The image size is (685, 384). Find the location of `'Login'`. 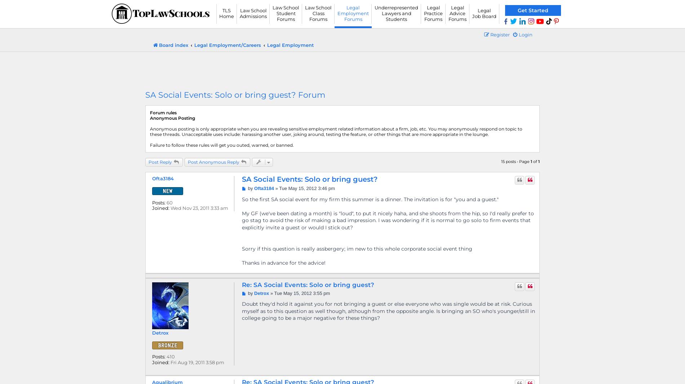

'Login' is located at coordinates (526, 34).